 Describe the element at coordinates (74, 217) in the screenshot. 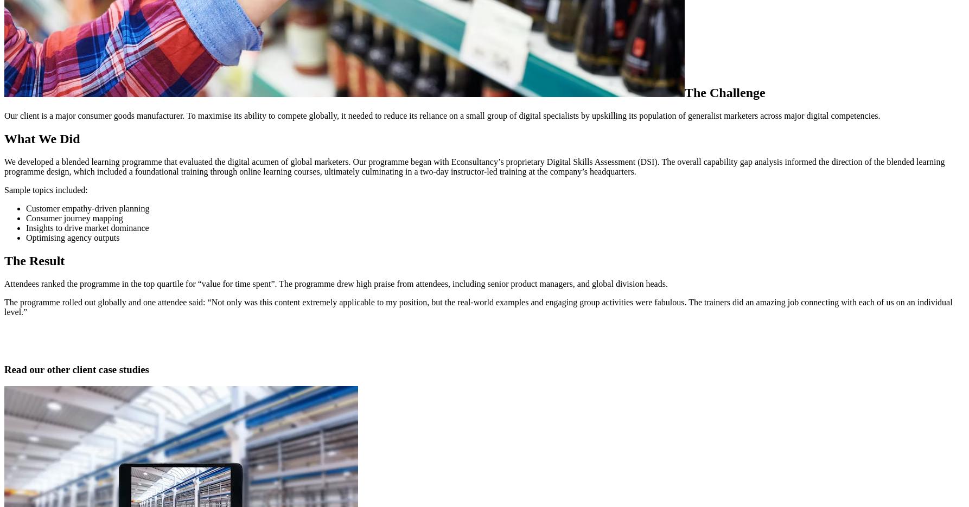

I see `'Consumer journey mapping'` at that location.